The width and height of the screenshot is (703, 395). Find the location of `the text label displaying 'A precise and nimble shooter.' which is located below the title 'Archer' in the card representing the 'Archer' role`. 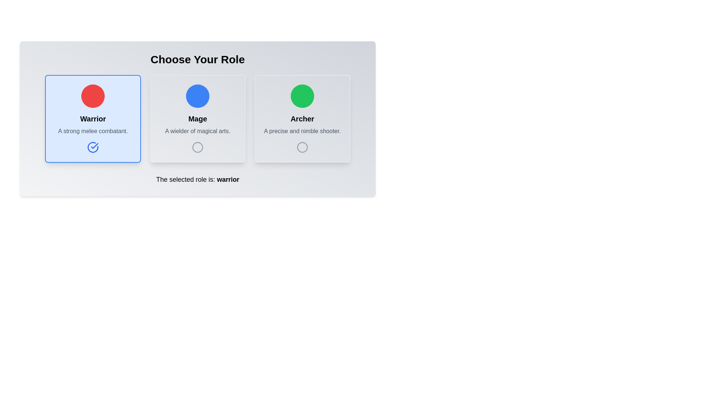

the text label displaying 'A precise and nimble shooter.' which is located below the title 'Archer' in the card representing the 'Archer' role is located at coordinates (302, 131).